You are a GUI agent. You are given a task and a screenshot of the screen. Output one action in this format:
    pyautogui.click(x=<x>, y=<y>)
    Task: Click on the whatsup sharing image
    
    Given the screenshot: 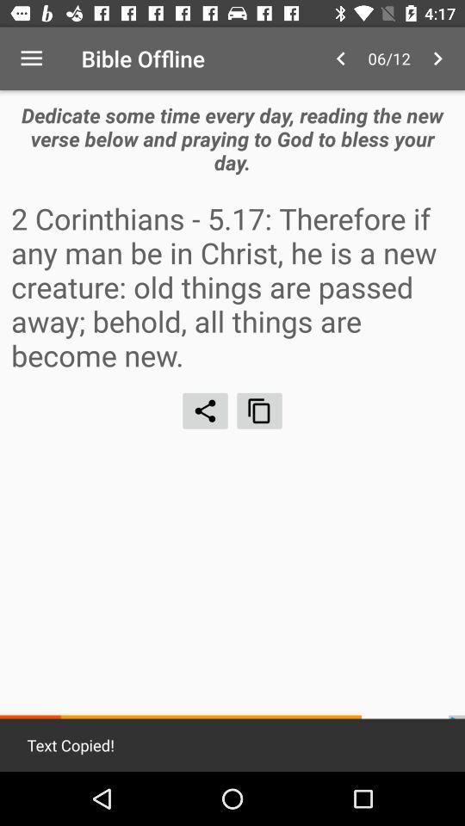 What is the action you would take?
    pyautogui.click(x=205, y=410)
    